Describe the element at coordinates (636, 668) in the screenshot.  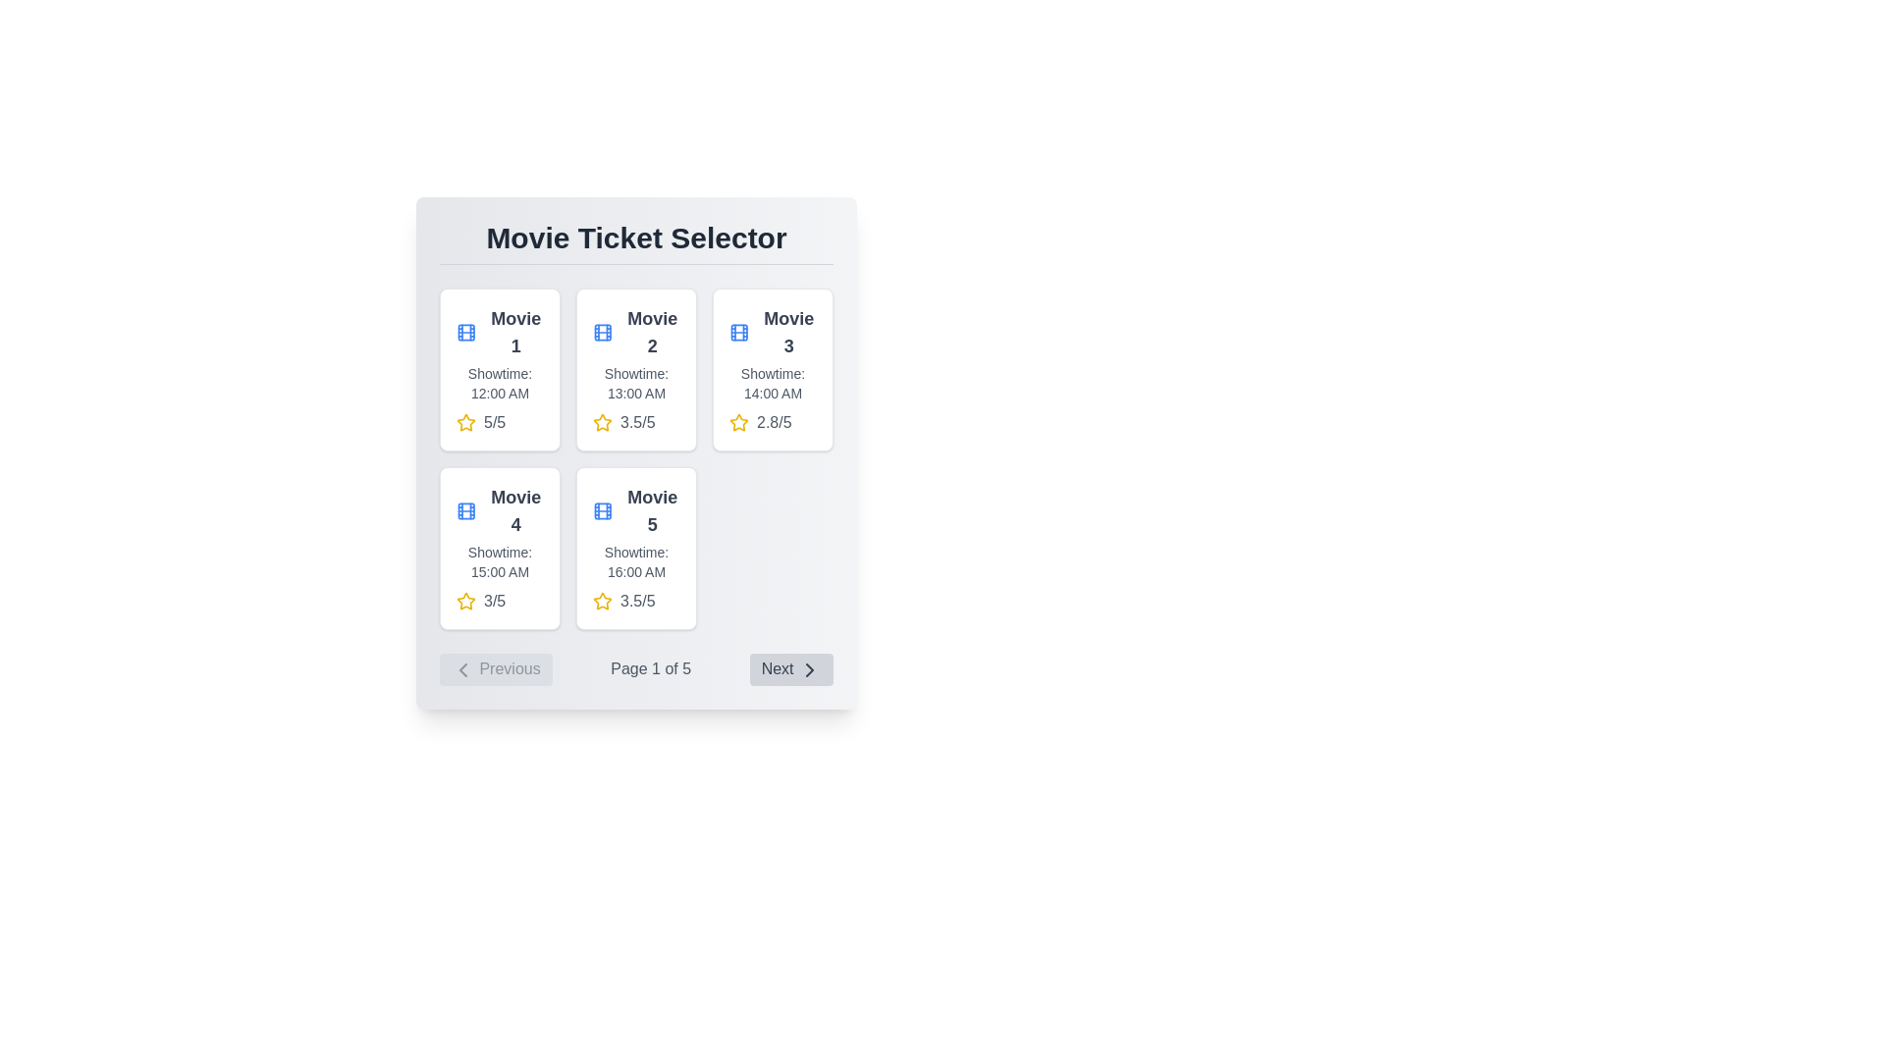
I see `the current page number displayed in the pagination control, which shows 'Page 1 of 5' in the center text` at that location.